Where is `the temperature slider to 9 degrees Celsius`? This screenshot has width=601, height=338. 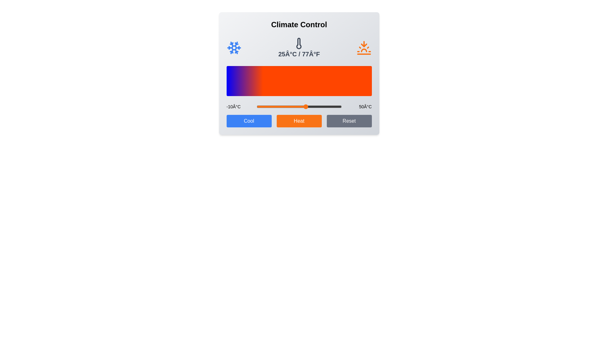 the temperature slider to 9 degrees Celsius is located at coordinates (283, 106).